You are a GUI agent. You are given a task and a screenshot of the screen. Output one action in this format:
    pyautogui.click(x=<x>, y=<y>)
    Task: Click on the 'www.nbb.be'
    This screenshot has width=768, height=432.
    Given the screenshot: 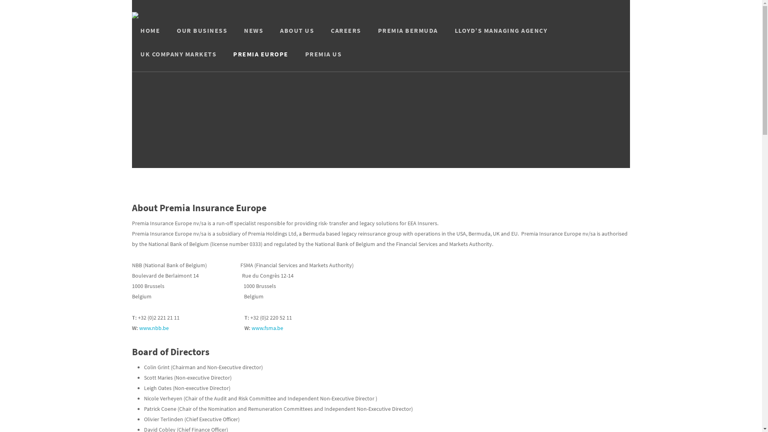 What is the action you would take?
    pyautogui.click(x=154, y=328)
    